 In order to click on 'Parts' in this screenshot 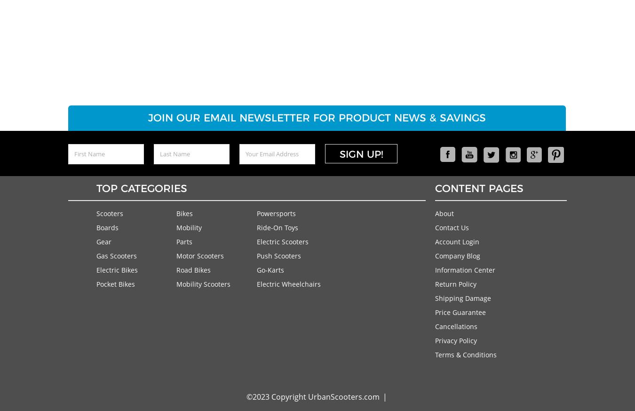, I will do `click(176, 241)`.